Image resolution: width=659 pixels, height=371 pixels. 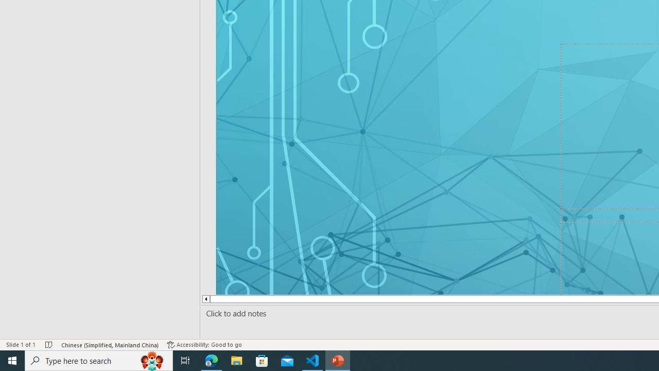 I want to click on 'Accessibility Checker Accessibility: Good to go', so click(x=204, y=345).